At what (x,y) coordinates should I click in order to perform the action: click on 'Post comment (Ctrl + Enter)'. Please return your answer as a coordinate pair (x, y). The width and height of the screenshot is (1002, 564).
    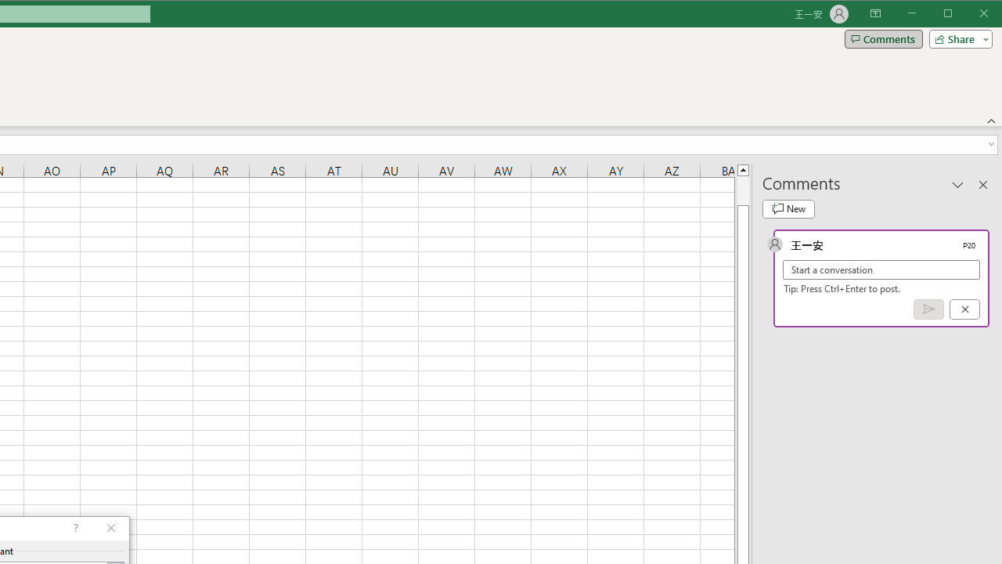
    Looking at the image, I should click on (928, 309).